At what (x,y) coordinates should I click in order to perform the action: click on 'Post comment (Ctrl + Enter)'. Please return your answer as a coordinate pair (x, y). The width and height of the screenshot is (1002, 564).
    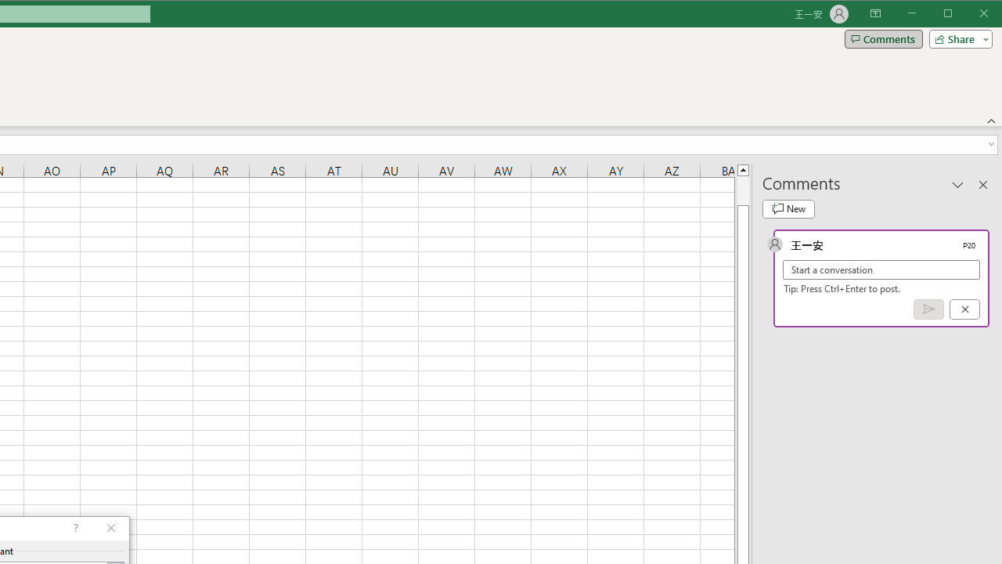
    Looking at the image, I should click on (928, 309).